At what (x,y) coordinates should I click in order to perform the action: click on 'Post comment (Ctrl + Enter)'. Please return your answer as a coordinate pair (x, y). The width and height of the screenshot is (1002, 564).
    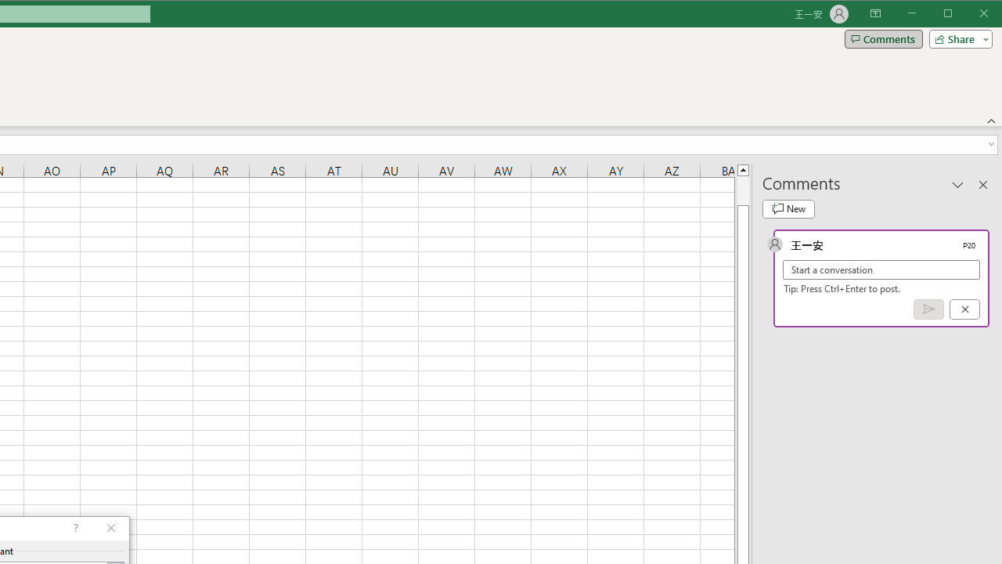
    Looking at the image, I should click on (928, 309).